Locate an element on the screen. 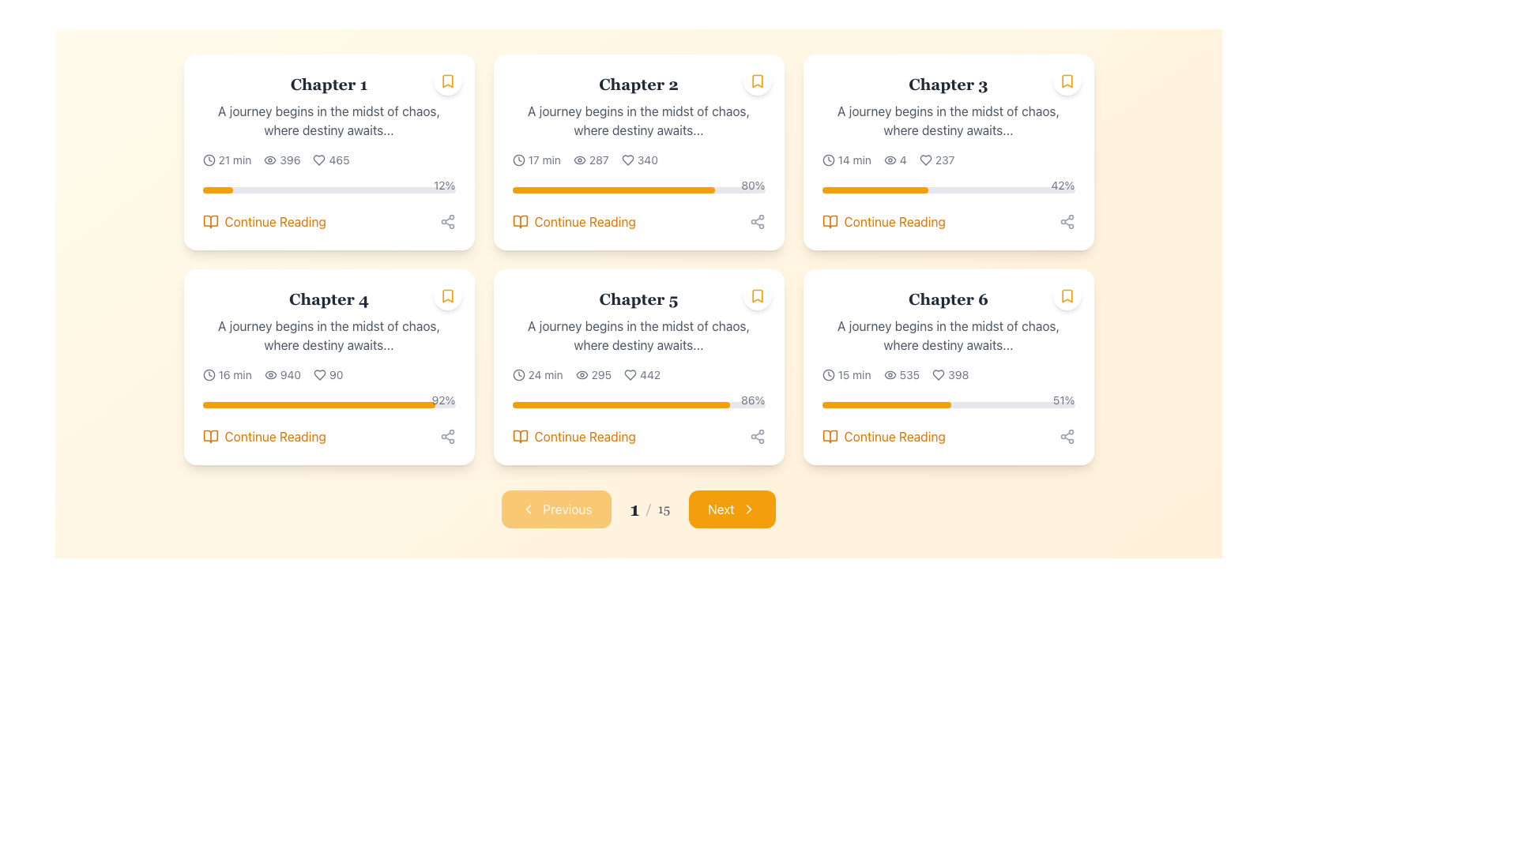 The width and height of the screenshot is (1517, 853). the filled segment of the progress bar indicating the completion of reading for 'Chapter 5', located at the bottom section of the corresponding card is located at coordinates (620, 404).